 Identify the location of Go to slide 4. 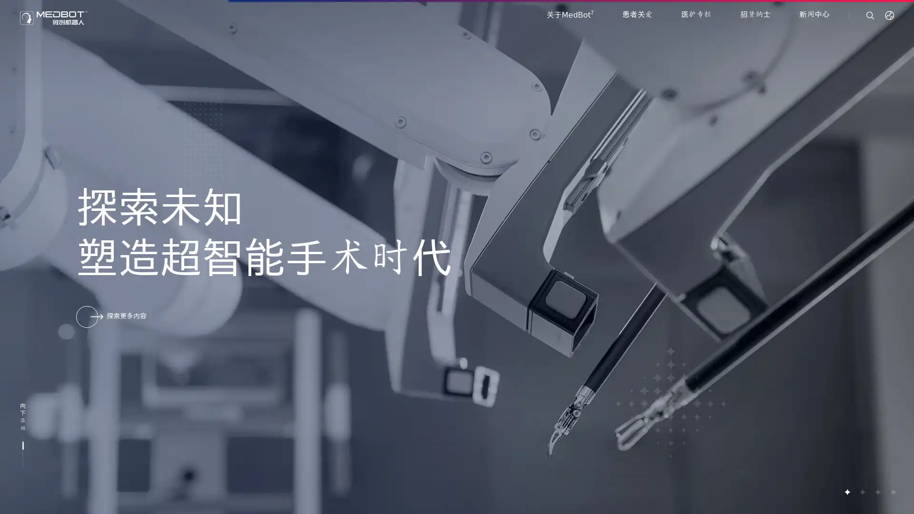
(892, 492).